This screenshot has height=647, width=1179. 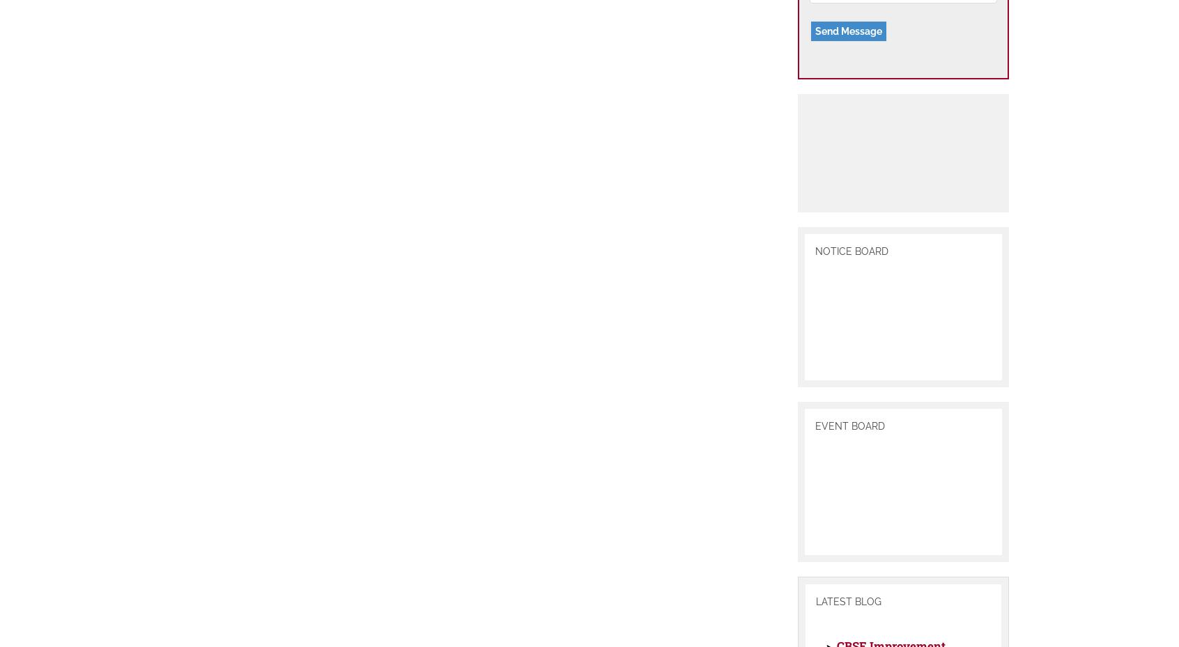 I want to click on 'Patrachar vidyalaya Admission 2022', so click(x=897, y=221).